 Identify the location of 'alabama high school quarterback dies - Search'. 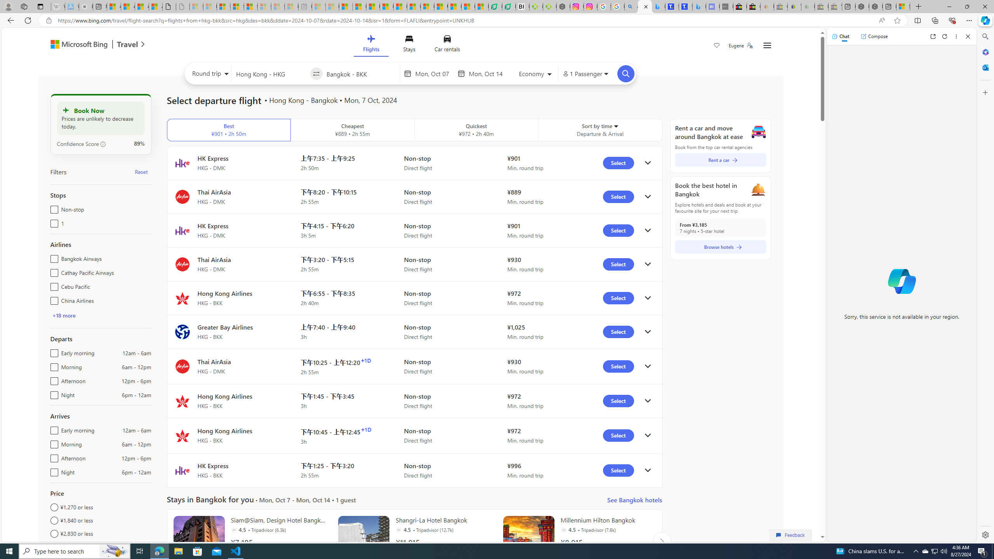
(631, 6).